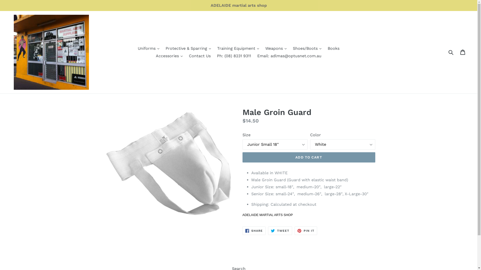 This screenshot has width=481, height=270. Describe the element at coordinates (254, 230) in the screenshot. I see `'SHARE` at that location.